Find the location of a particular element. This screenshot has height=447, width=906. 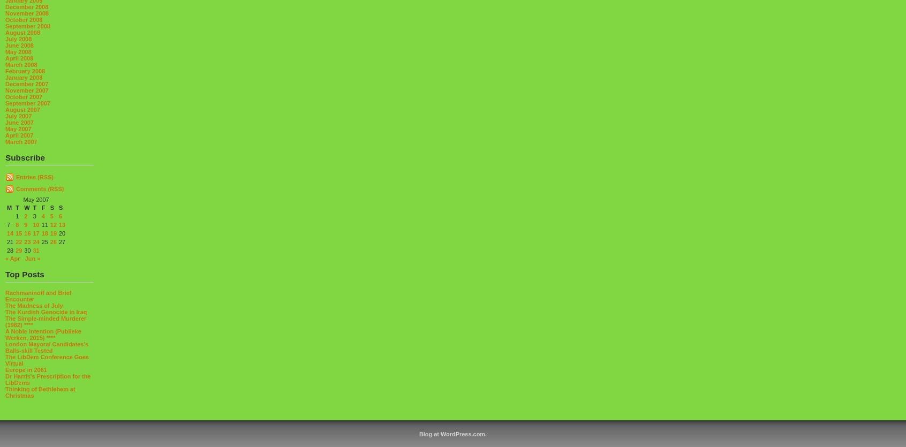

'Thinking of Bethlehem at Christmas' is located at coordinates (40, 391).